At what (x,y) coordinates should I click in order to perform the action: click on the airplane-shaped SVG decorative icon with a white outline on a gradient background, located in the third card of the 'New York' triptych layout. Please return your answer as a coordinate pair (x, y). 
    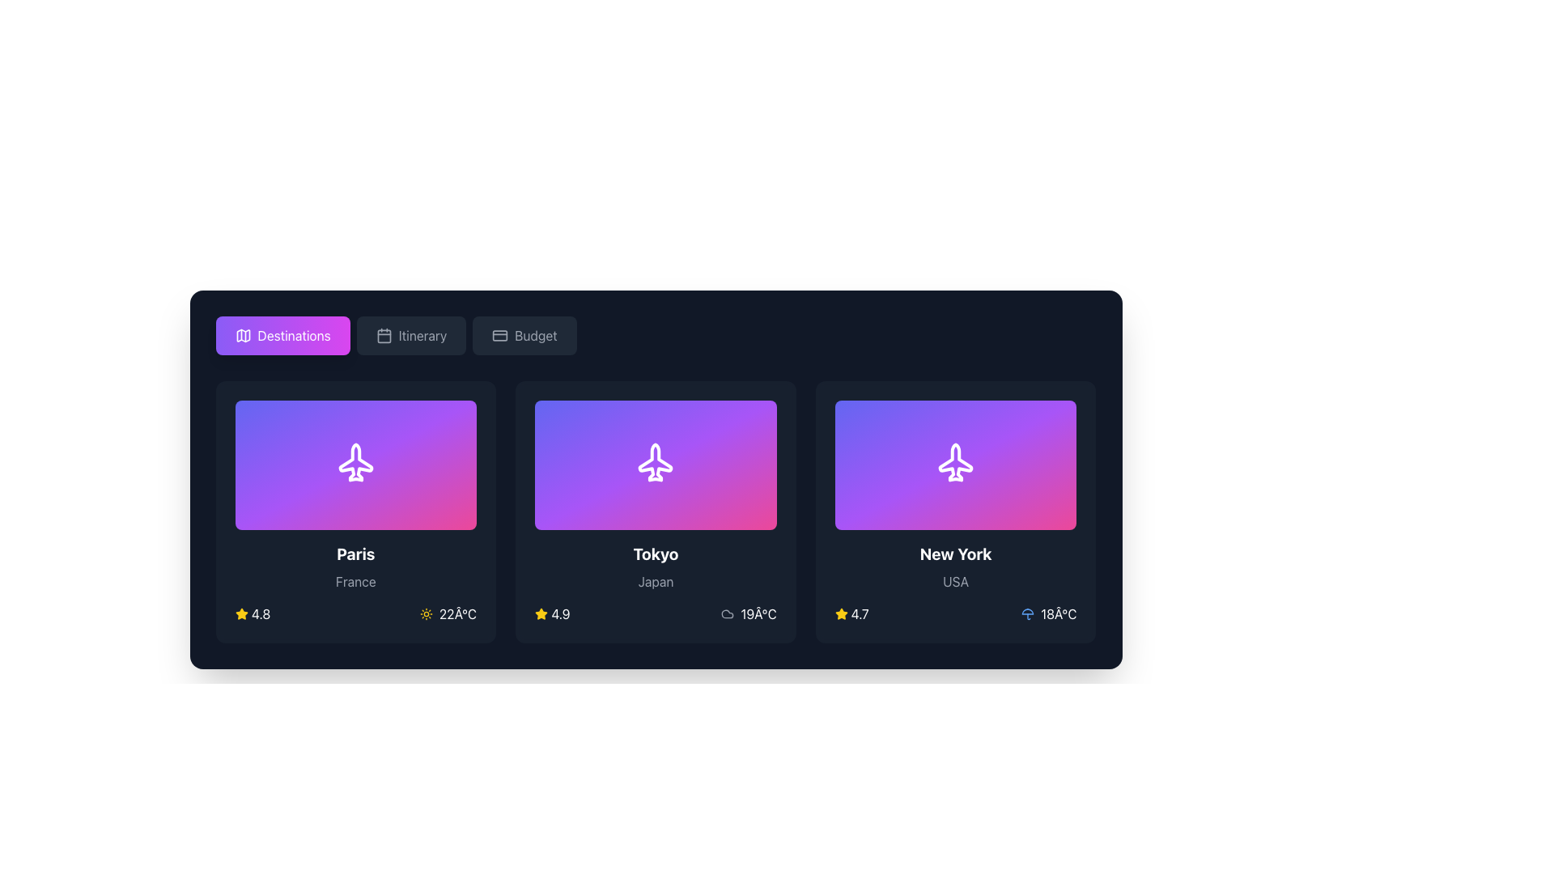
    Looking at the image, I should click on (956, 465).